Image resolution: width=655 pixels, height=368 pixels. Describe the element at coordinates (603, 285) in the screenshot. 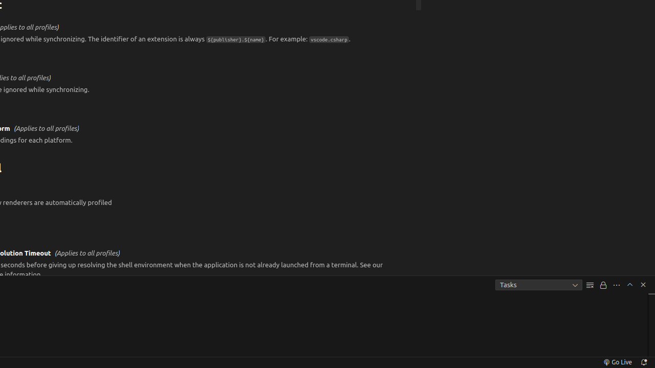

I see `'Turn Auto Scrolling Off'` at that location.